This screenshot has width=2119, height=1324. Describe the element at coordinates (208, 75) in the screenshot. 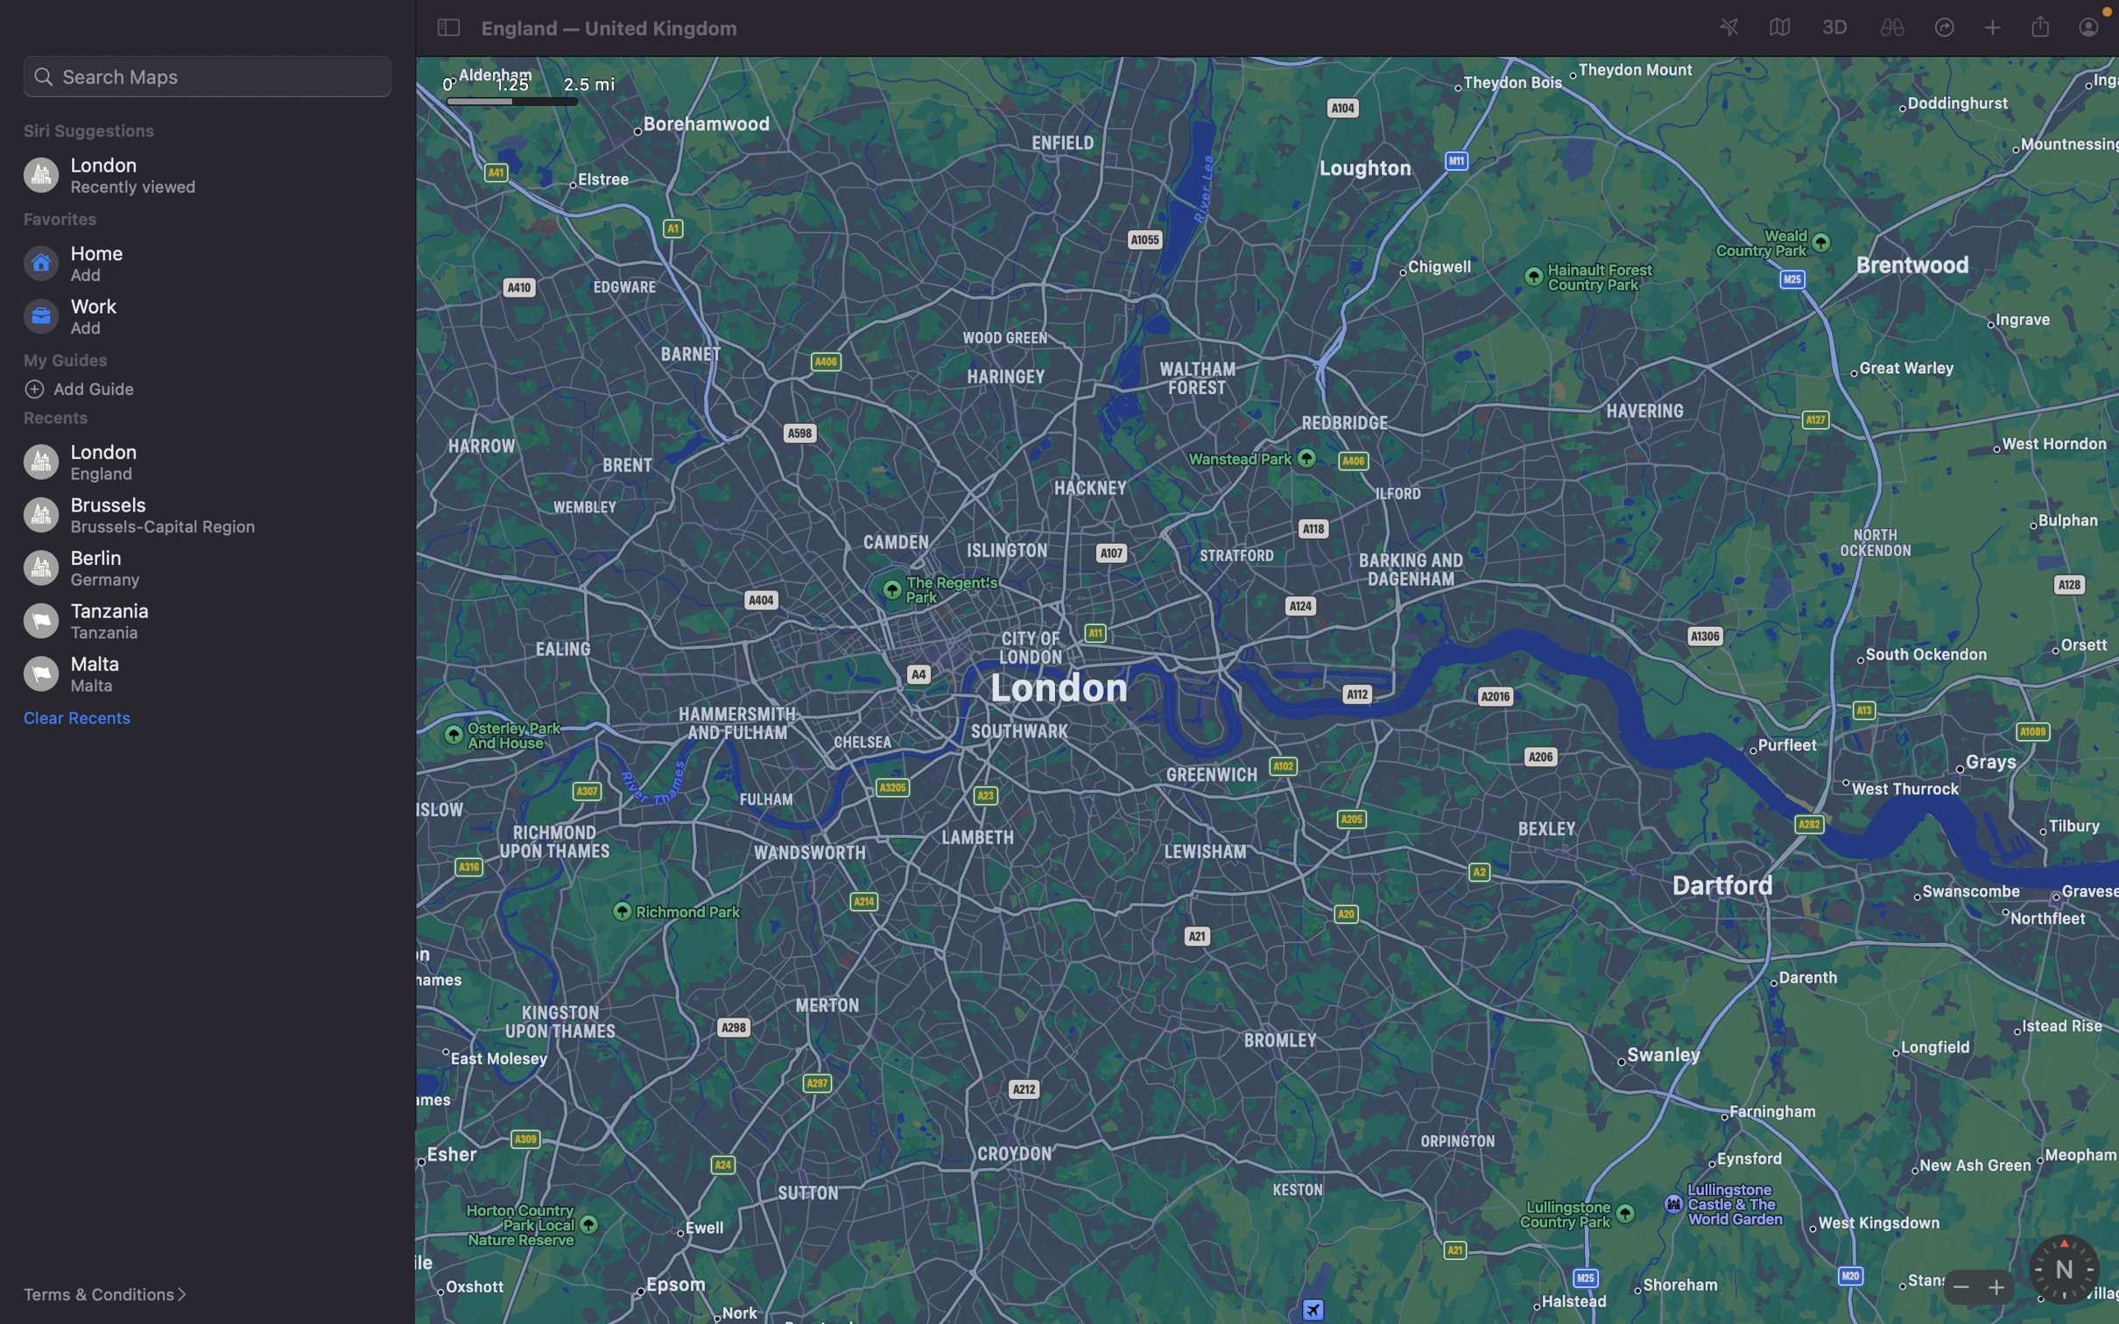

I see `hotels situated nearby` at that location.